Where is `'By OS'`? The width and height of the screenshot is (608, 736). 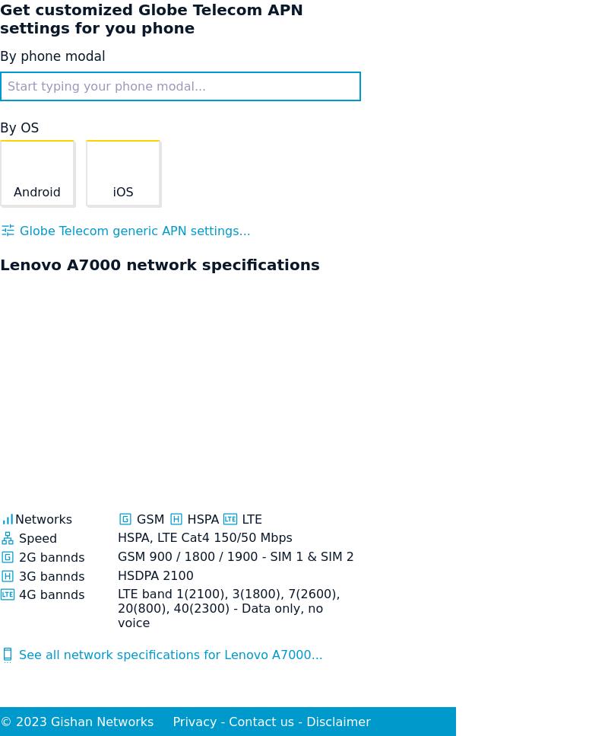
'By OS' is located at coordinates (19, 127).